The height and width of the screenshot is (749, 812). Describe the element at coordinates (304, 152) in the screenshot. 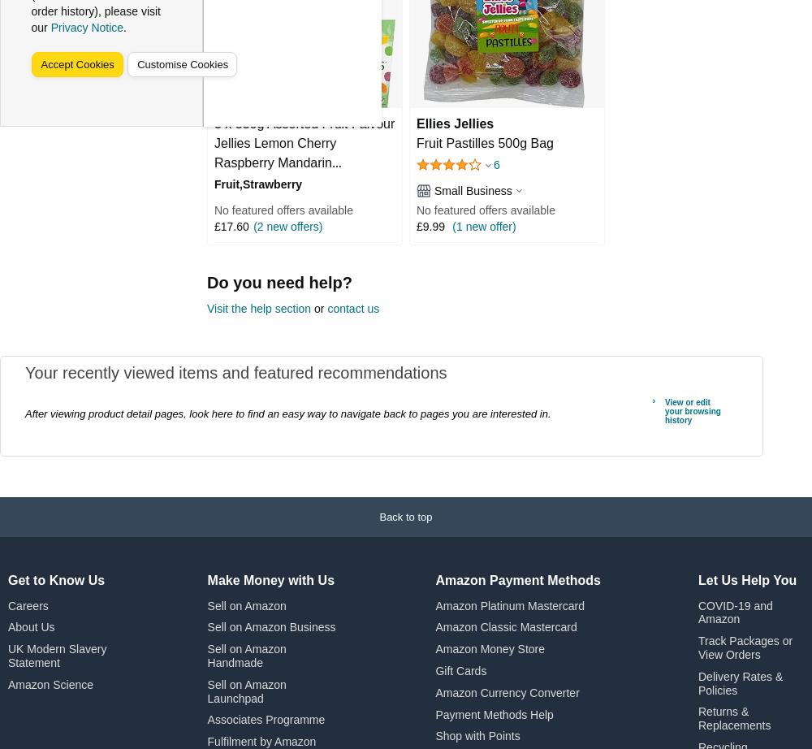

I see `'3 x 350g Assorted Fruit Falvour Jellies Lemon Cherry Raspberry Mandarin Strawberry Lime Jelly Fruits'` at that location.